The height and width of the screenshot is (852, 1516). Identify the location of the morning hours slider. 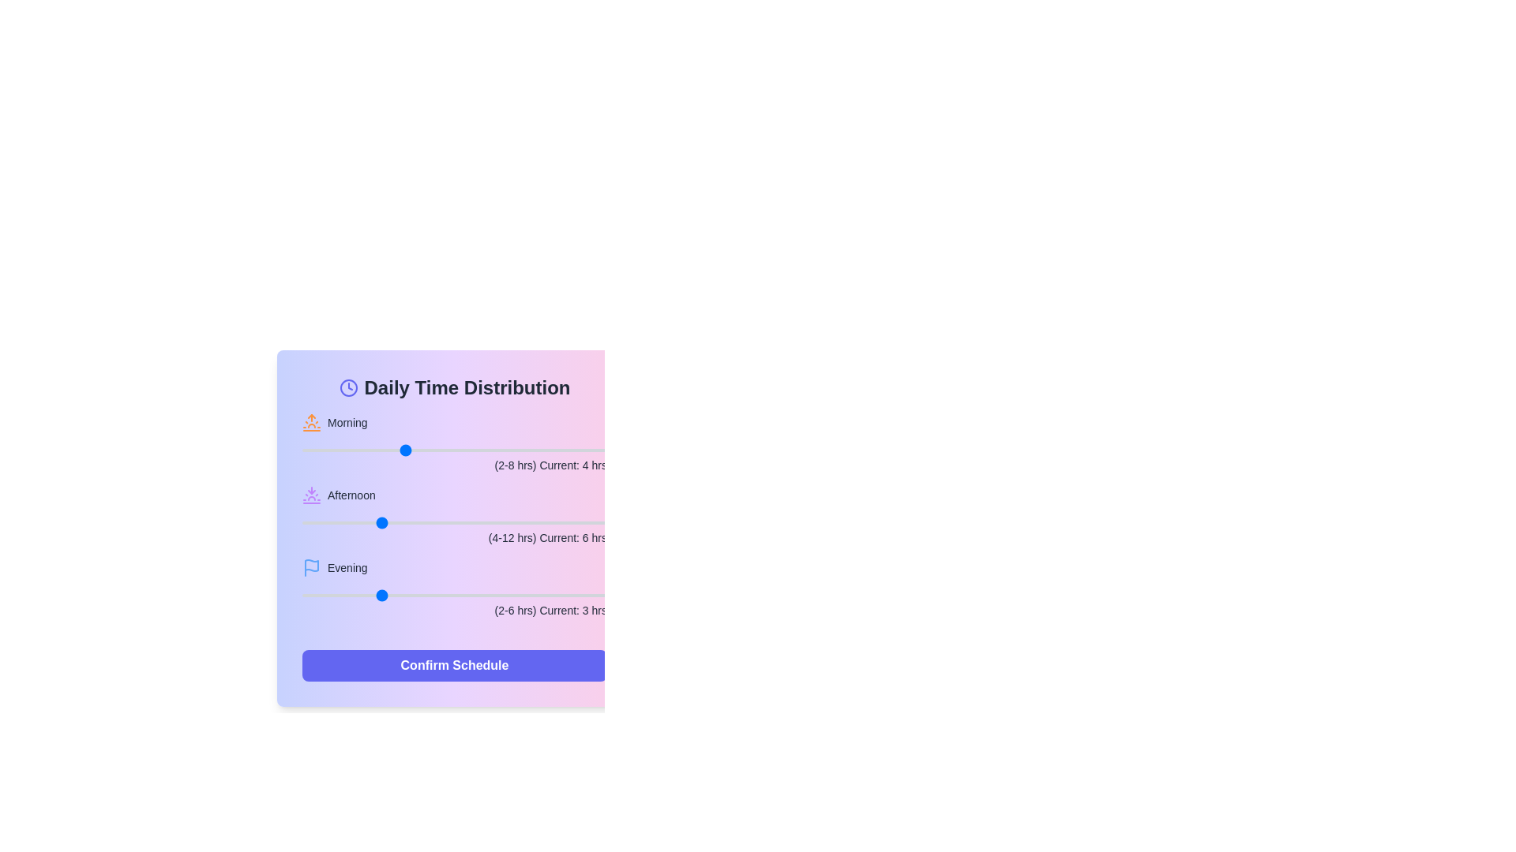
(556, 450).